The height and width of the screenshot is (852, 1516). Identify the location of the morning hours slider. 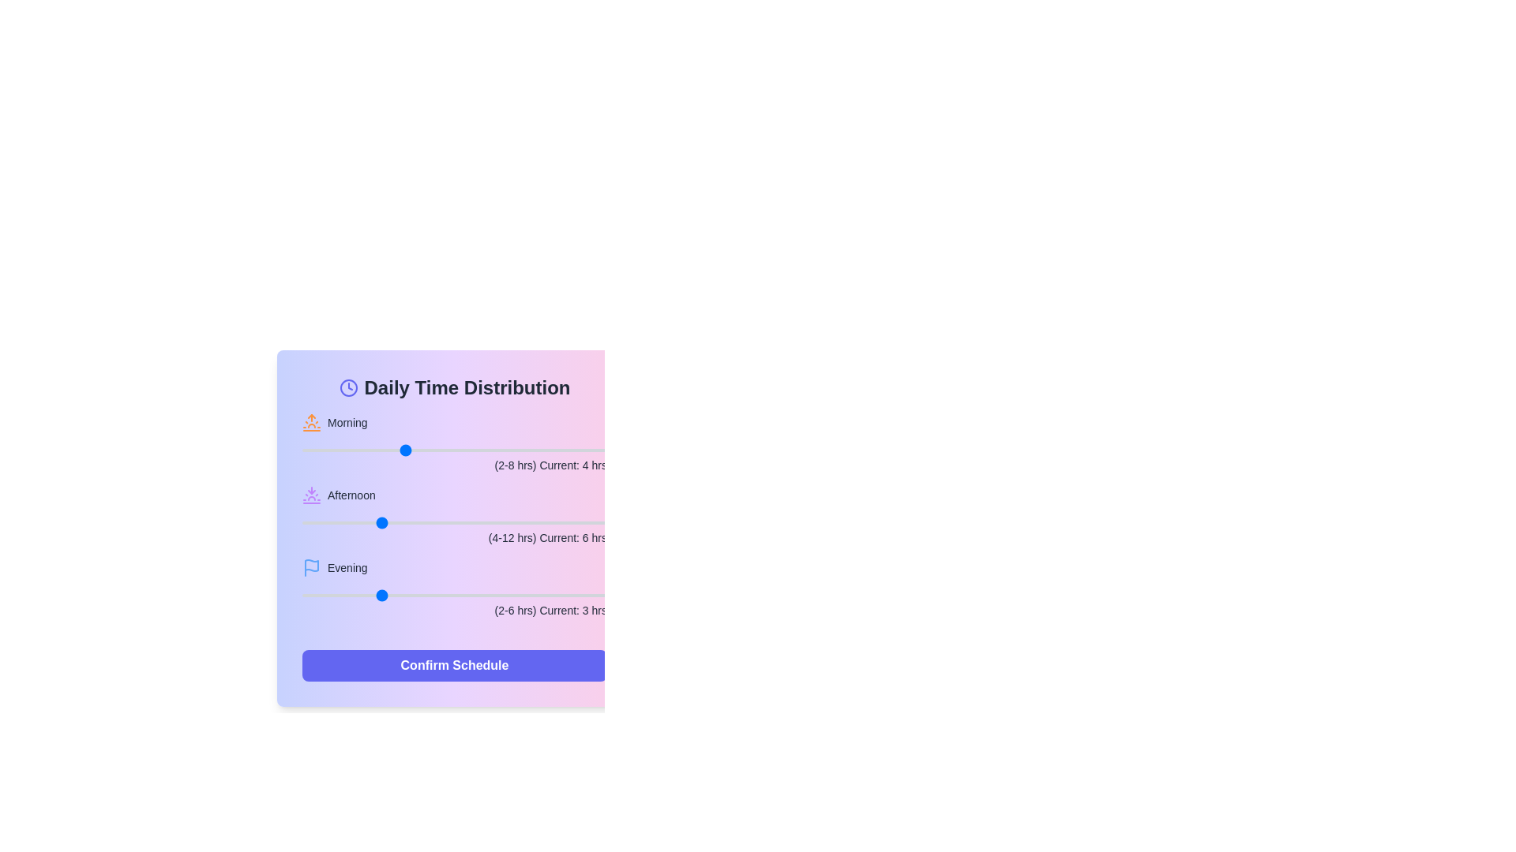
(556, 450).